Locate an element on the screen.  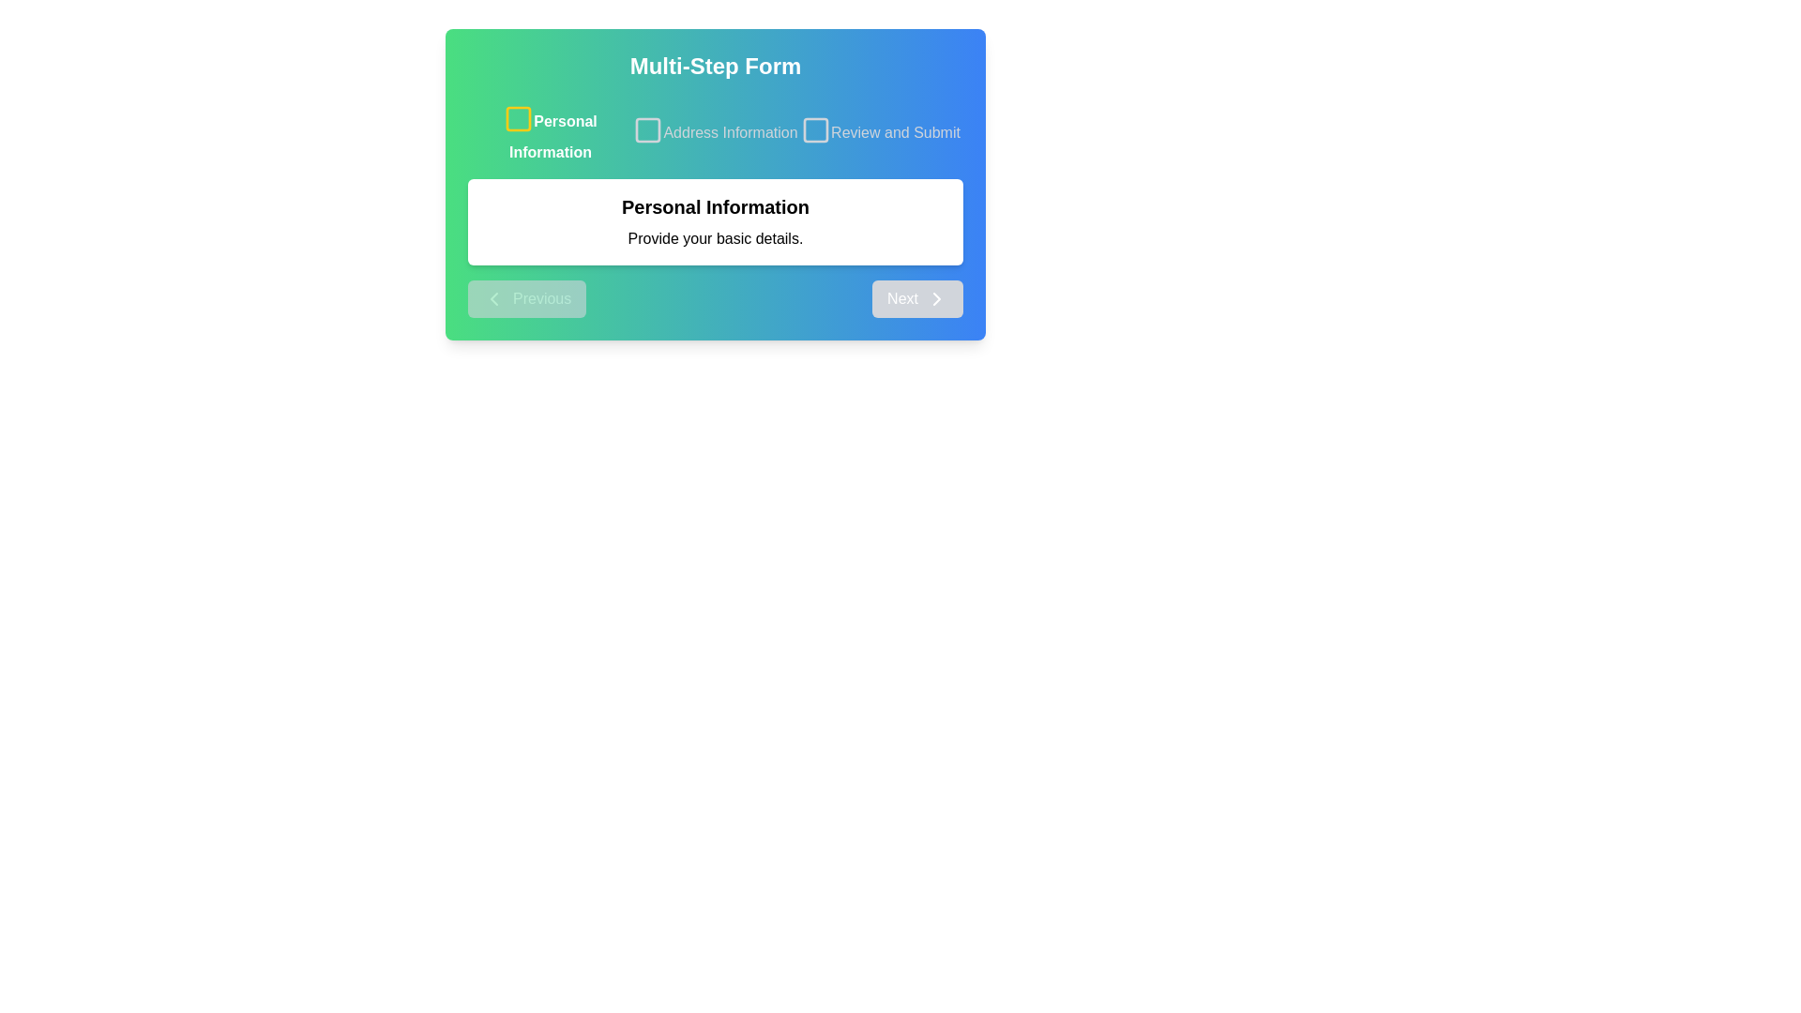
the text element labeled 'Personal Information' for interaction is located at coordinates (549, 132).